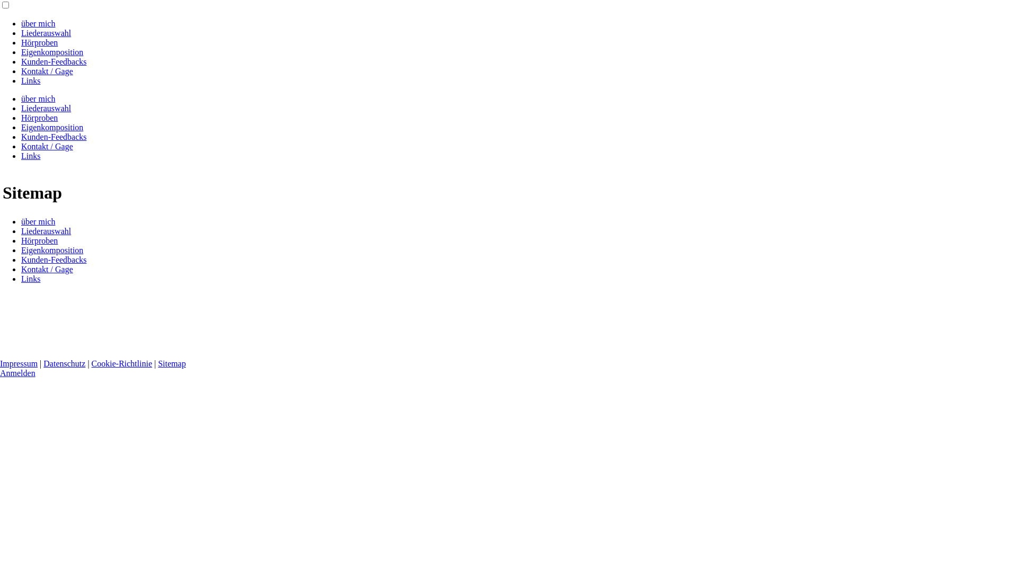  I want to click on 'Impressum', so click(0, 363).